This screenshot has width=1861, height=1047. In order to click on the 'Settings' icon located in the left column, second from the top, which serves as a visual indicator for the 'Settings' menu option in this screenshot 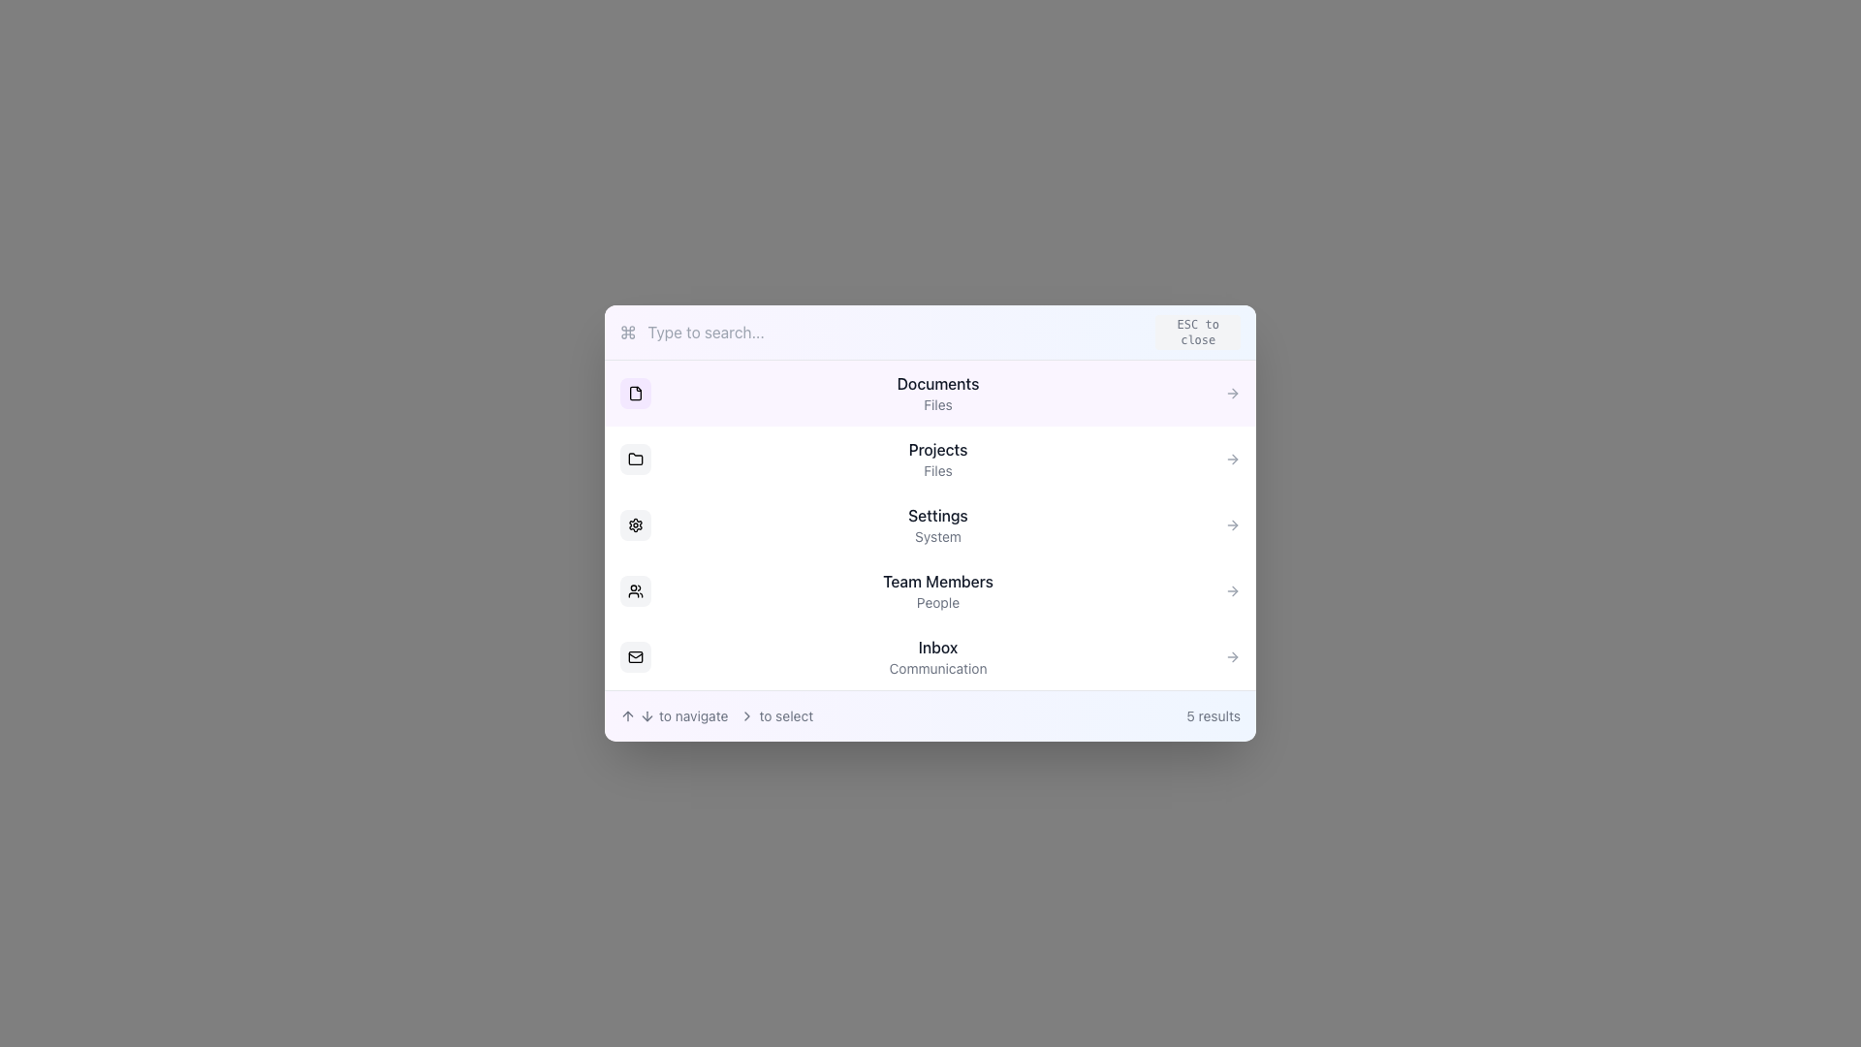, I will do `click(636, 525)`.